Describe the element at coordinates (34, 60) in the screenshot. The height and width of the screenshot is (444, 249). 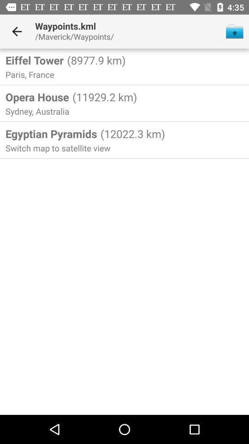
I see `item to the left of the  (8977.9 km)` at that location.